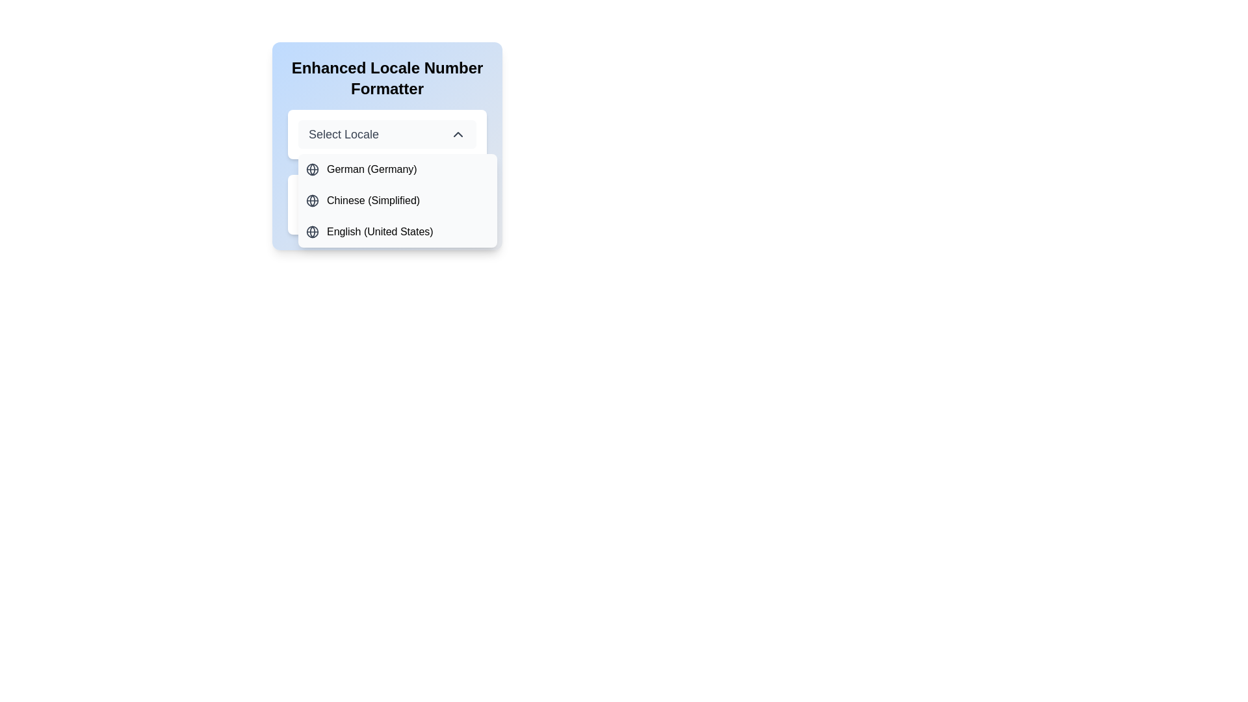  I want to click on the SVG Circle that represents the globe icon next to the 'German (Germany)' option in the dropdown menu, so click(312, 169).